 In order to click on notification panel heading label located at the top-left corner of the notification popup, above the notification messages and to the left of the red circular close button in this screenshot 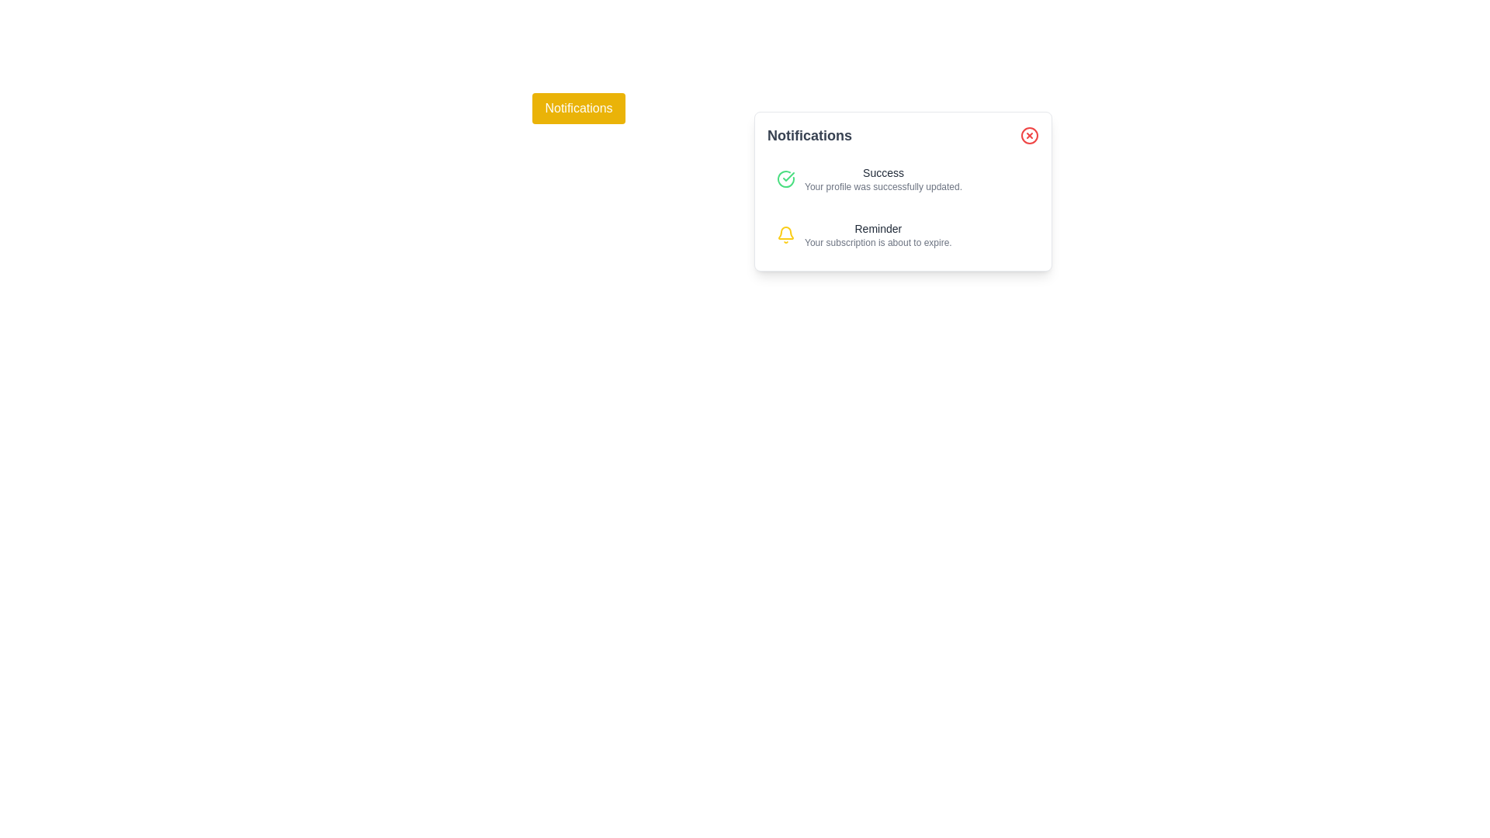, I will do `click(809, 134)`.